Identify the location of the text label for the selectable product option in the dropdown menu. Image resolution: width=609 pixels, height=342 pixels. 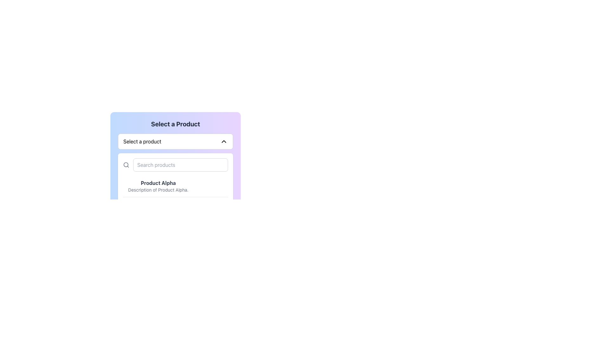
(158, 183).